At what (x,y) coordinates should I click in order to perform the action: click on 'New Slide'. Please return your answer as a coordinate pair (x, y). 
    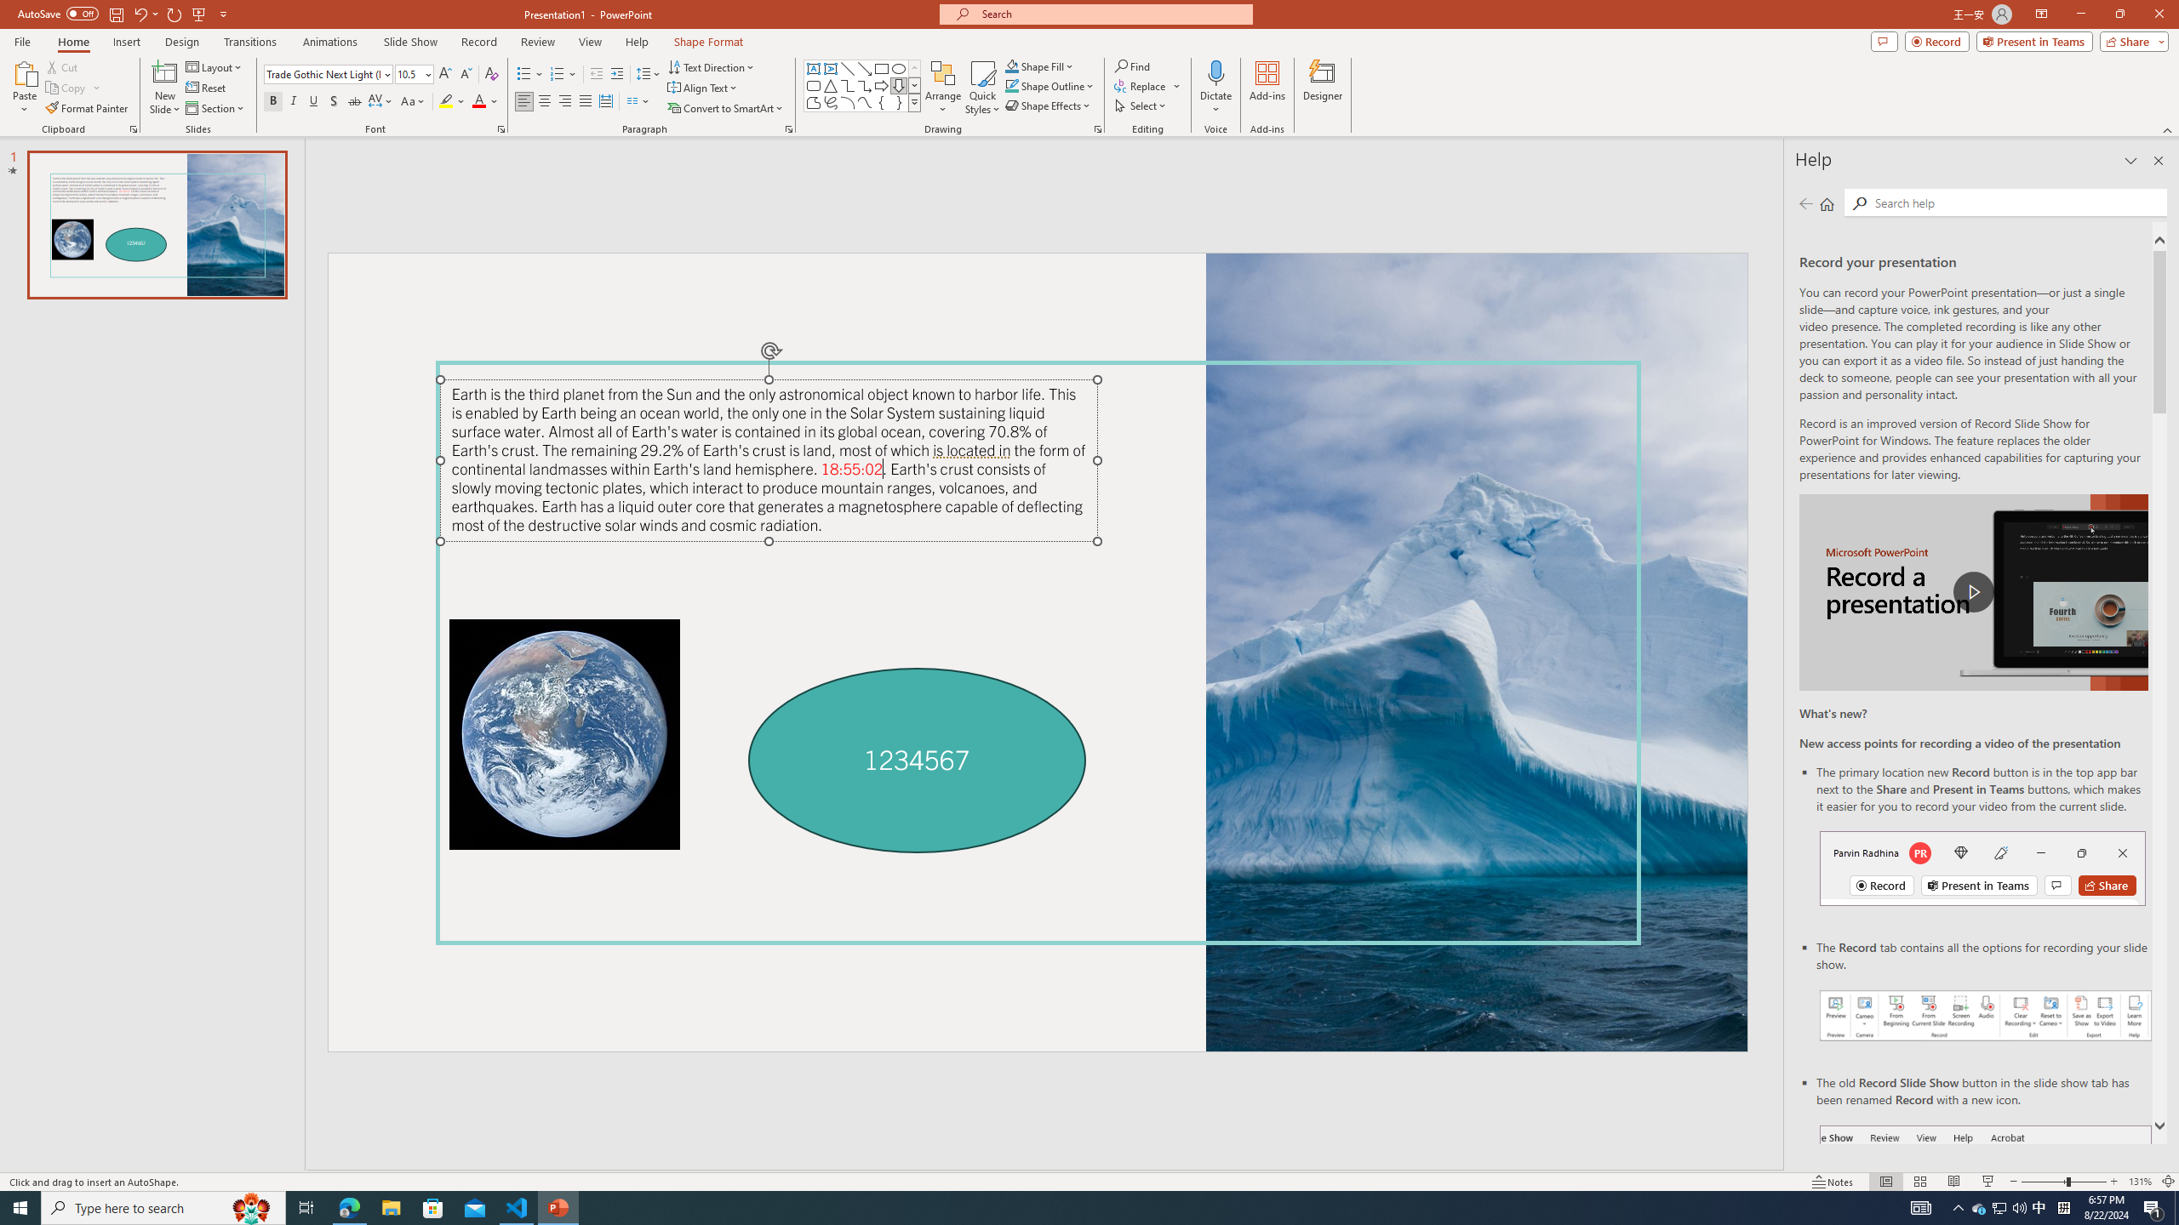
    Looking at the image, I should click on (164, 88).